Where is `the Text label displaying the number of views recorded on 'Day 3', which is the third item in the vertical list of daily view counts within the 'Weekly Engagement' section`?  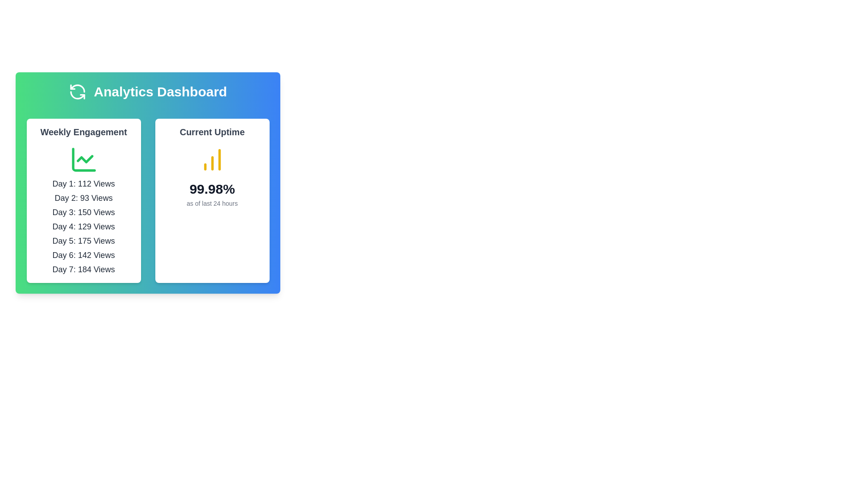
the Text label displaying the number of views recorded on 'Day 3', which is the third item in the vertical list of daily view counts within the 'Weekly Engagement' section is located at coordinates (83, 212).